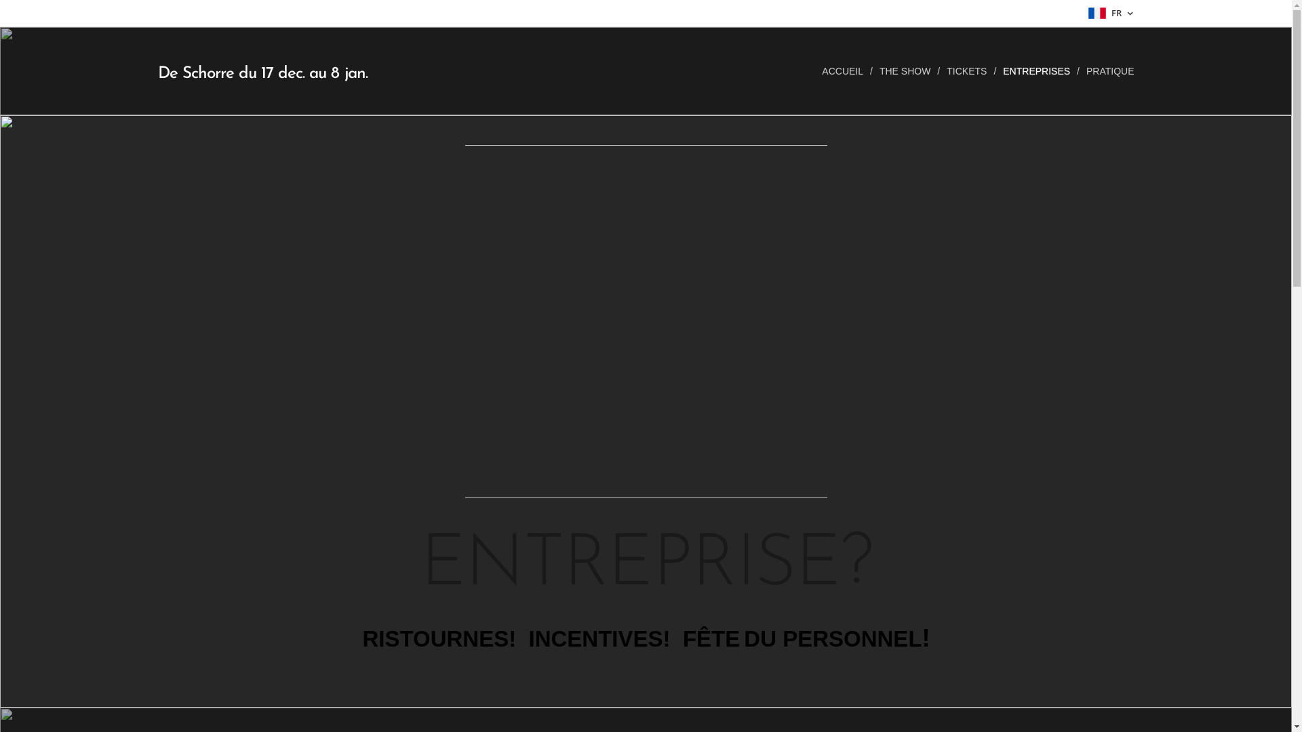 Image resolution: width=1302 pixels, height=732 pixels. What do you see at coordinates (906, 70) in the screenshot?
I see `'THE SHOW'` at bounding box center [906, 70].